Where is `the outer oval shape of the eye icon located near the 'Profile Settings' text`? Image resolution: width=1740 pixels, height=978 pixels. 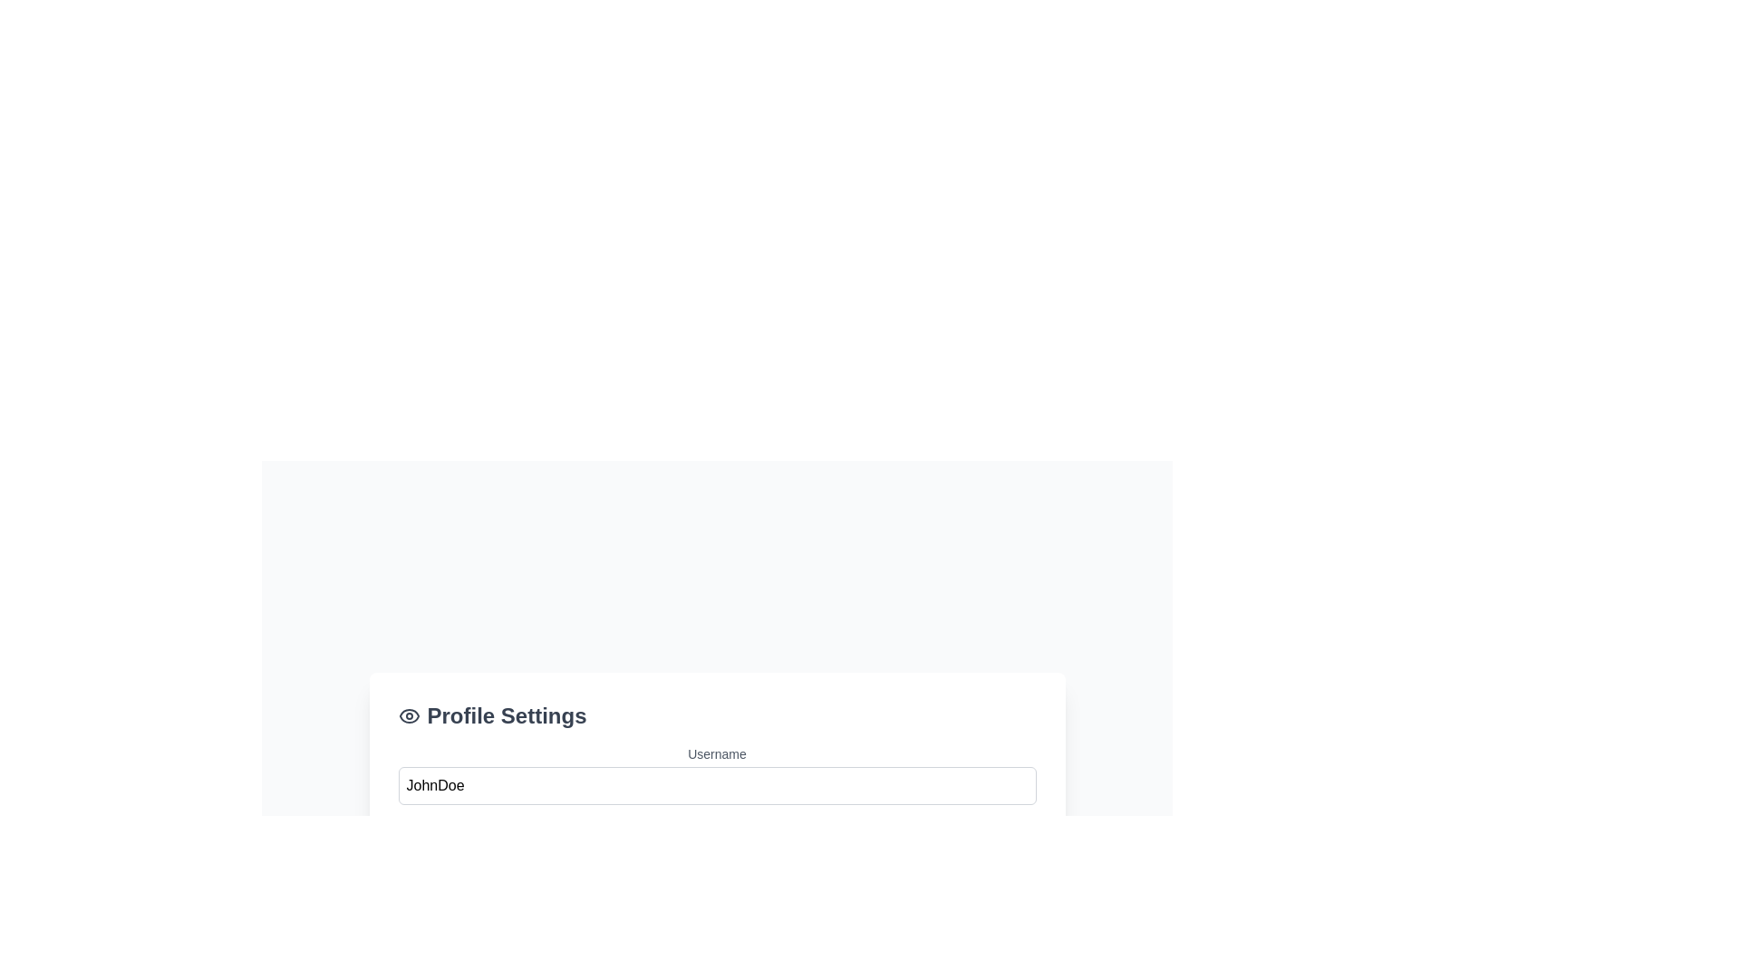 the outer oval shape of the eye icon located near the 'Profile Settings' text is located at coordinates (408, 714).